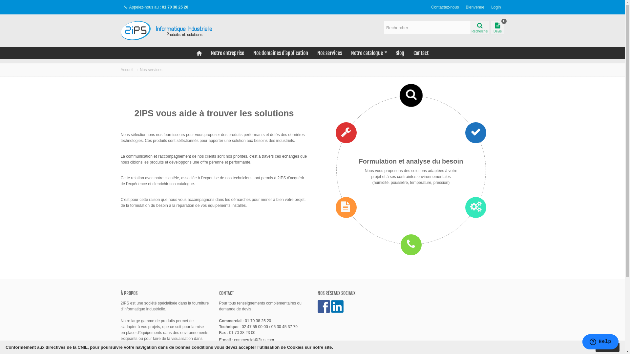  Describe the element at coordinates (255, 326) in the screenshot. I see `'02 47 55 00 00'` at that location.